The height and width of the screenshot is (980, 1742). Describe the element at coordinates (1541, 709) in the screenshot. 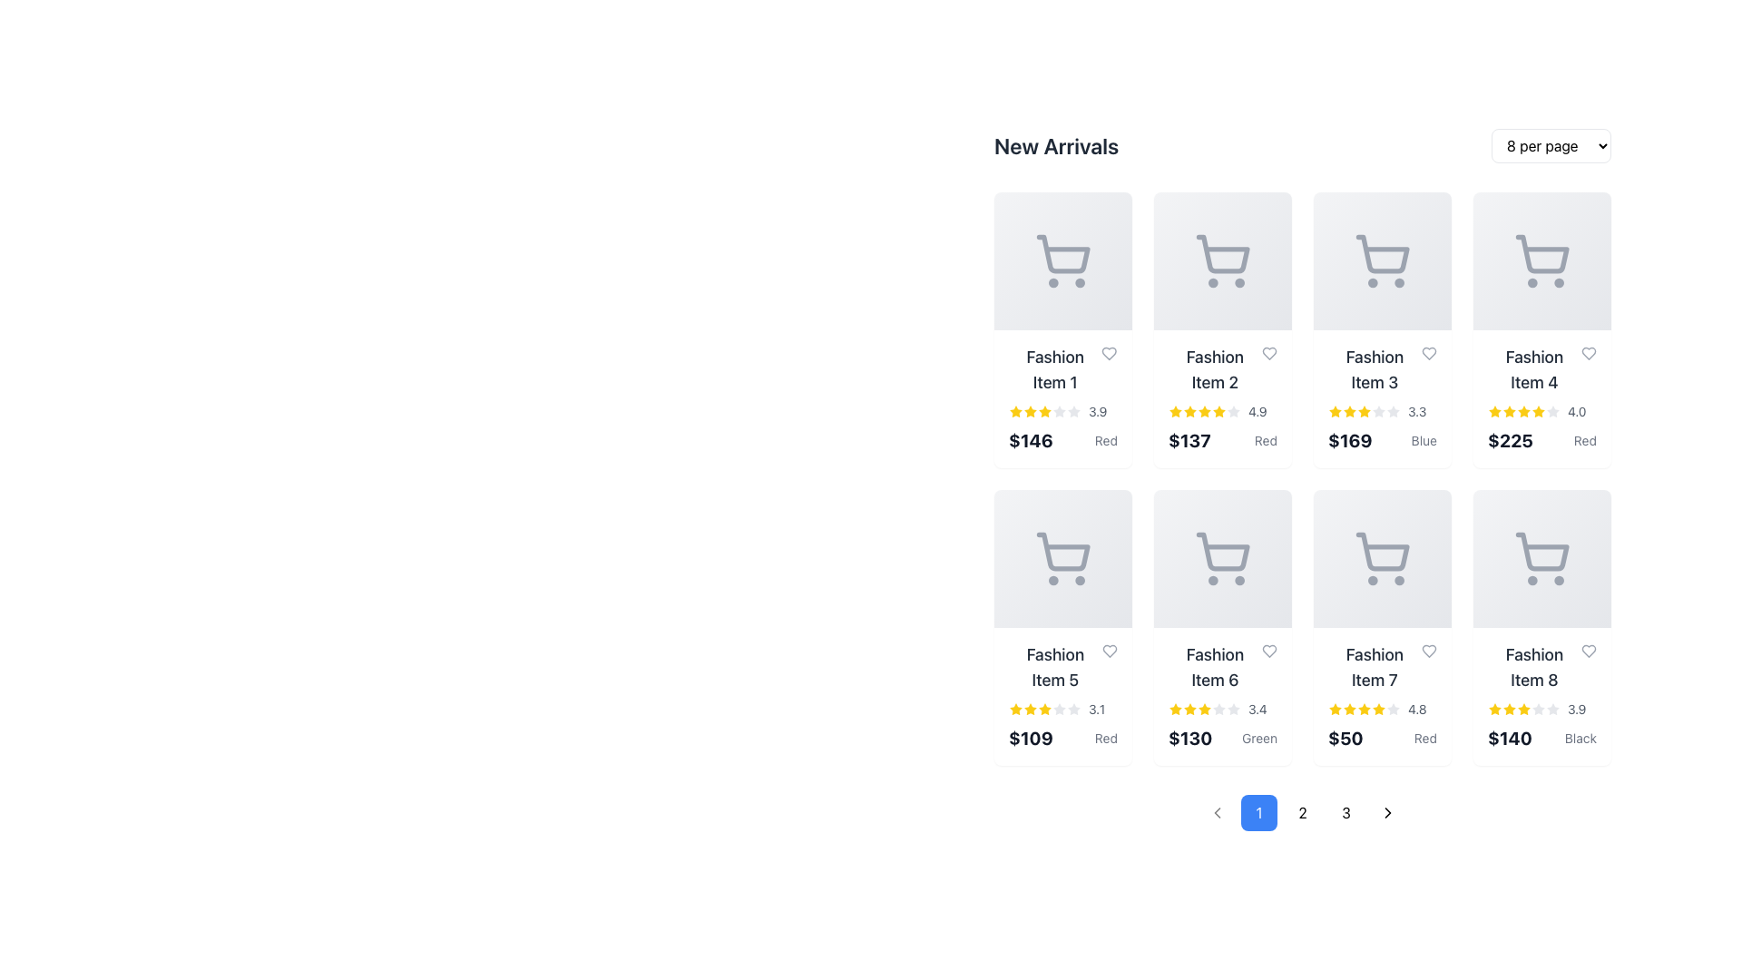

I see `the numeric value '3.9' of the star-based rating component located in the product listing card for 'Fashion Item 8'` at that location.